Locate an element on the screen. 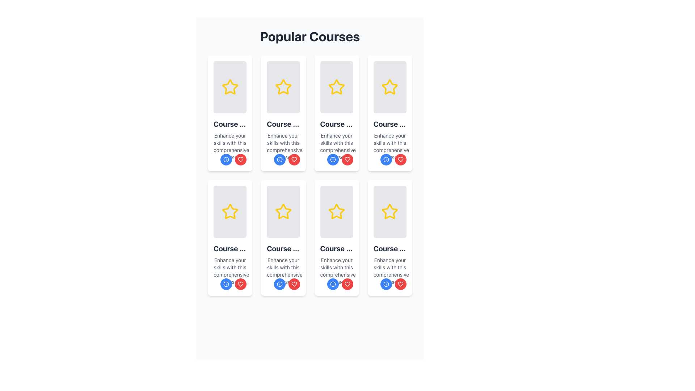  the star icon in the first column of the second row of the course grid, which is used for rating or favoriting a course is located at coordinates (229, 212).